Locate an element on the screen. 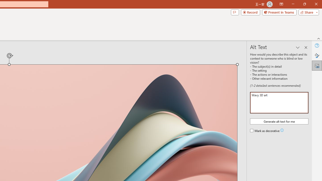 Image resolution: width=322 pixels, height=181 pixels. 'Mark as decorative' is located at coordinates (265, 131).